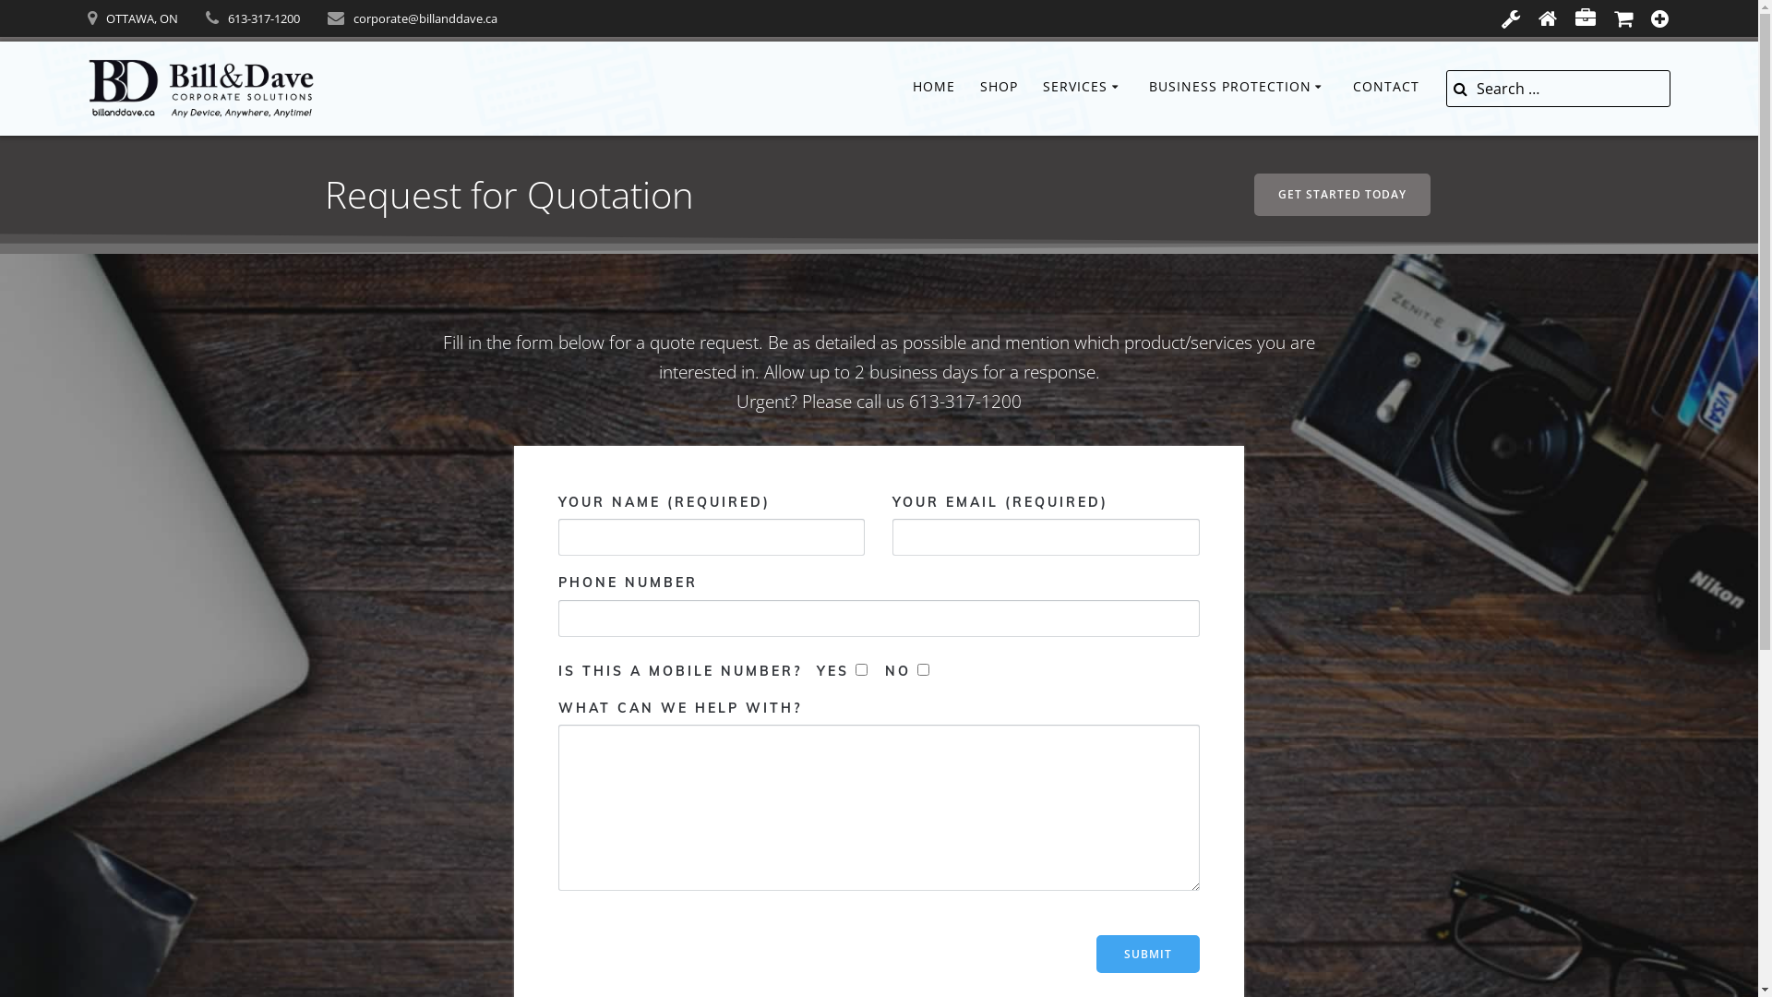 Image resolution: width=1772 pixels, height=997 pixels. Describe the element at coordinates (1239, 88) in the screenshot. I see `'BUSINESS PROTECTION'` at that location.